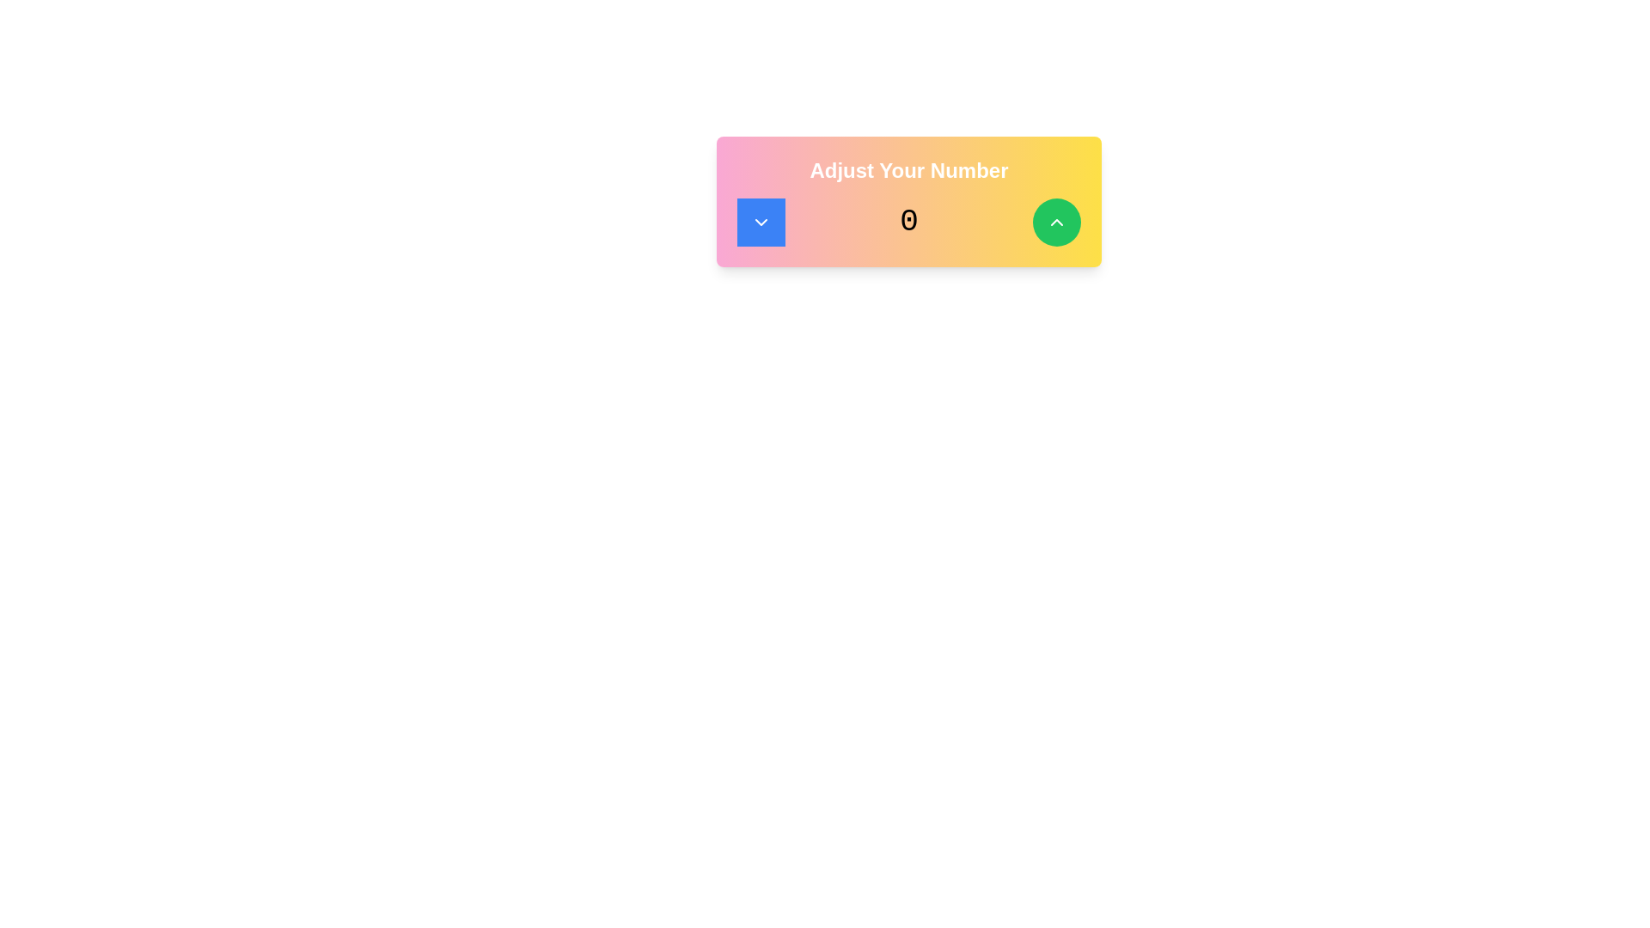 This screenshot has height=928, width=1650. What do you see at coordinates (761, 221) in the screenshot?
I see `the downward-facing chevron icon located within the interactive circular blue button on the left side of the gradient-colored panel labeled 'Adjust Your Number' to trigger a tooltip or visual feedback` at bounding box center [761, 221].